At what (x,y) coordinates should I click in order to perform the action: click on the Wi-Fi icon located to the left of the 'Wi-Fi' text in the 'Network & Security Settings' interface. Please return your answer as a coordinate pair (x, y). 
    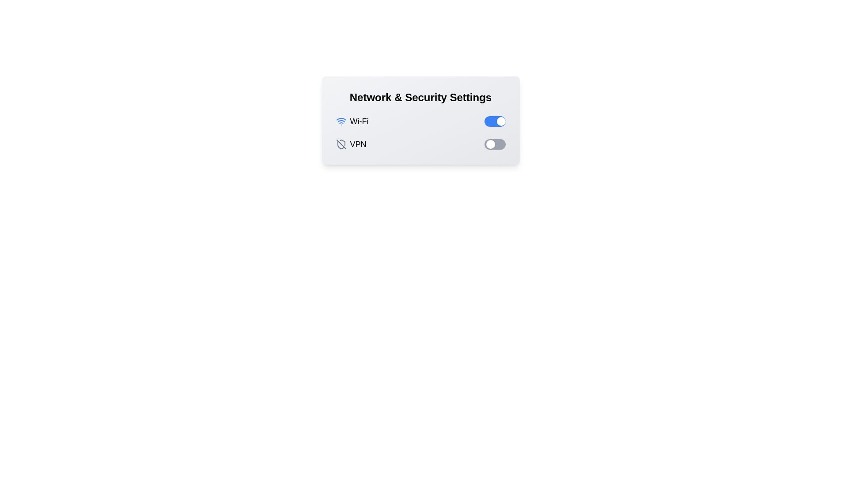
    Looking at the image, I should click on (341, 121).